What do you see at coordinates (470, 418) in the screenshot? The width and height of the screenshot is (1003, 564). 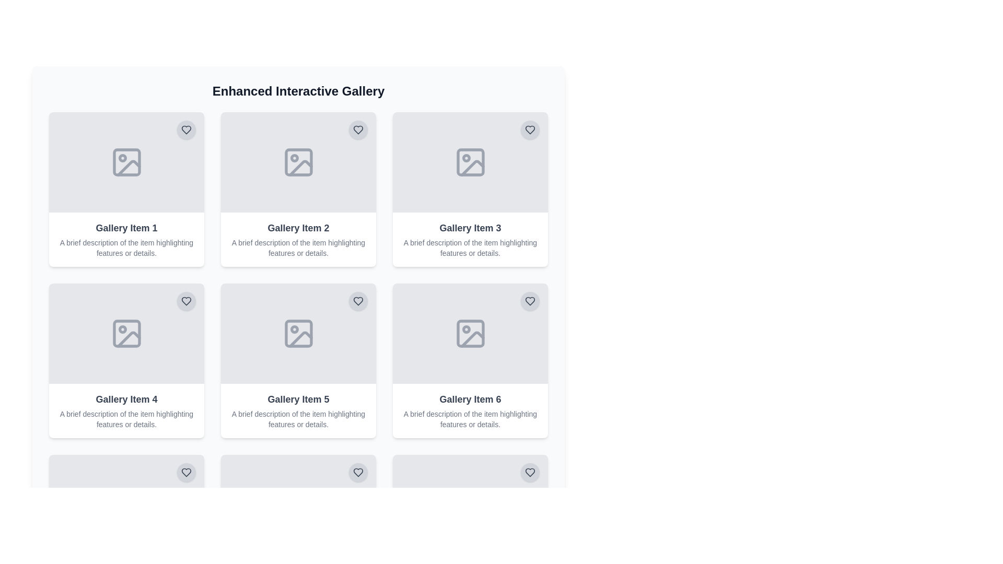 I see `the static text that reads 'A brief description of the item highlighting features or details' located beneath 'Gallery Item 6' in the second column of the second row in the gallery` at bounding box center [470, 418].